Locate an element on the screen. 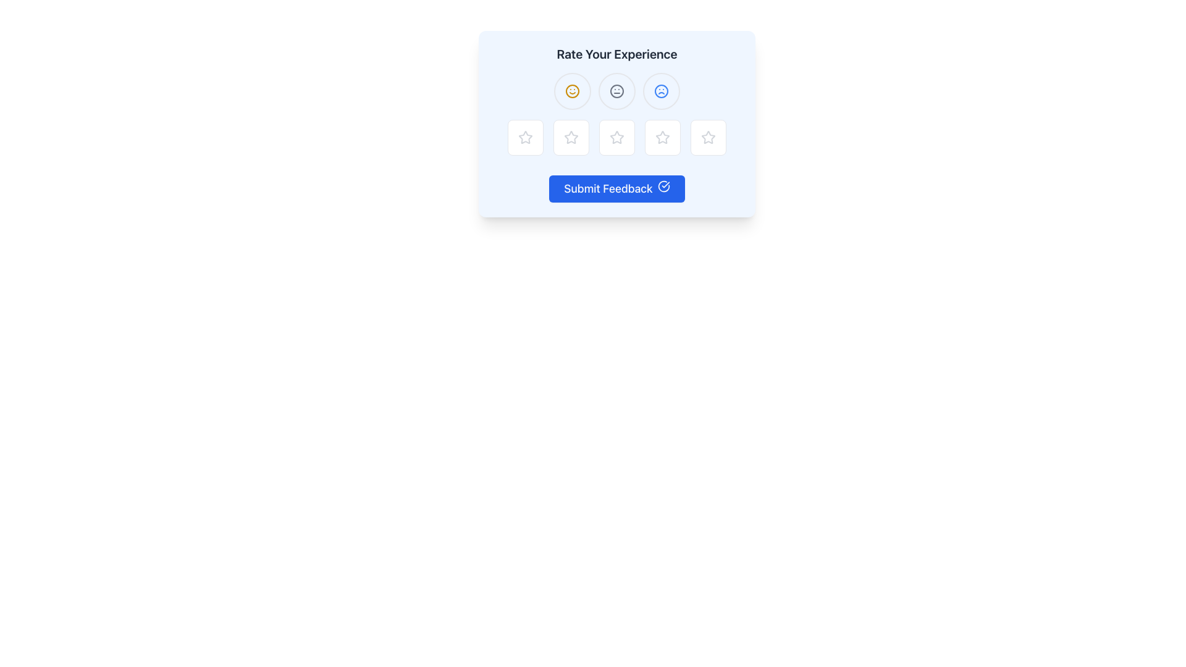  the circular blue button with a frown icon, which is the rightmost option in a group of three buttons representing a satisfaction rating scale is located at coordinates (660, 90).